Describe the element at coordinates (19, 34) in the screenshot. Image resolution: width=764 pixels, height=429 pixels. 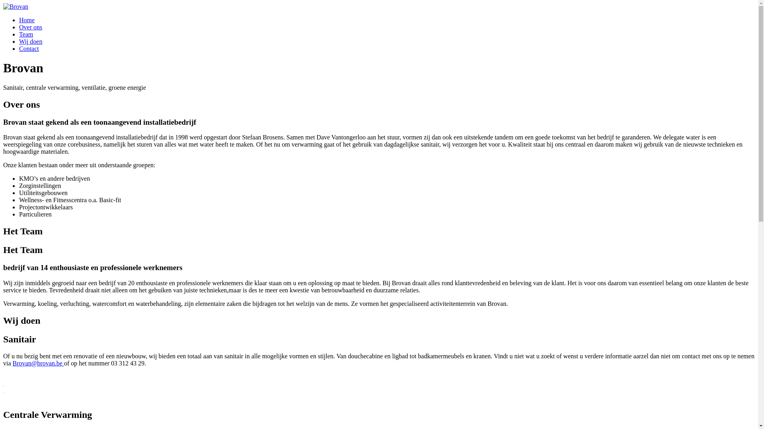
I see `'Team'` at that location.